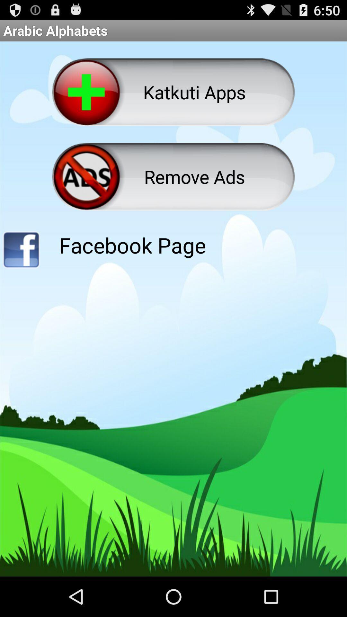 The image size is (347, 617). Describe the element at coordinates (21, 252) in the screenshot. I see `link to facebook page` at that location.